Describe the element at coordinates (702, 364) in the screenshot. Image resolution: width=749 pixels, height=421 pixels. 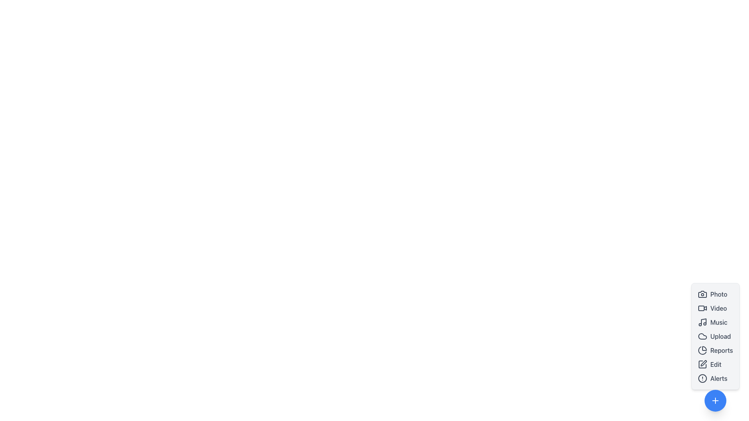
I see `the gray square-shaped icon with a pen inside, located on the left side of the 'Edit' option in the vertical menu` at that location.